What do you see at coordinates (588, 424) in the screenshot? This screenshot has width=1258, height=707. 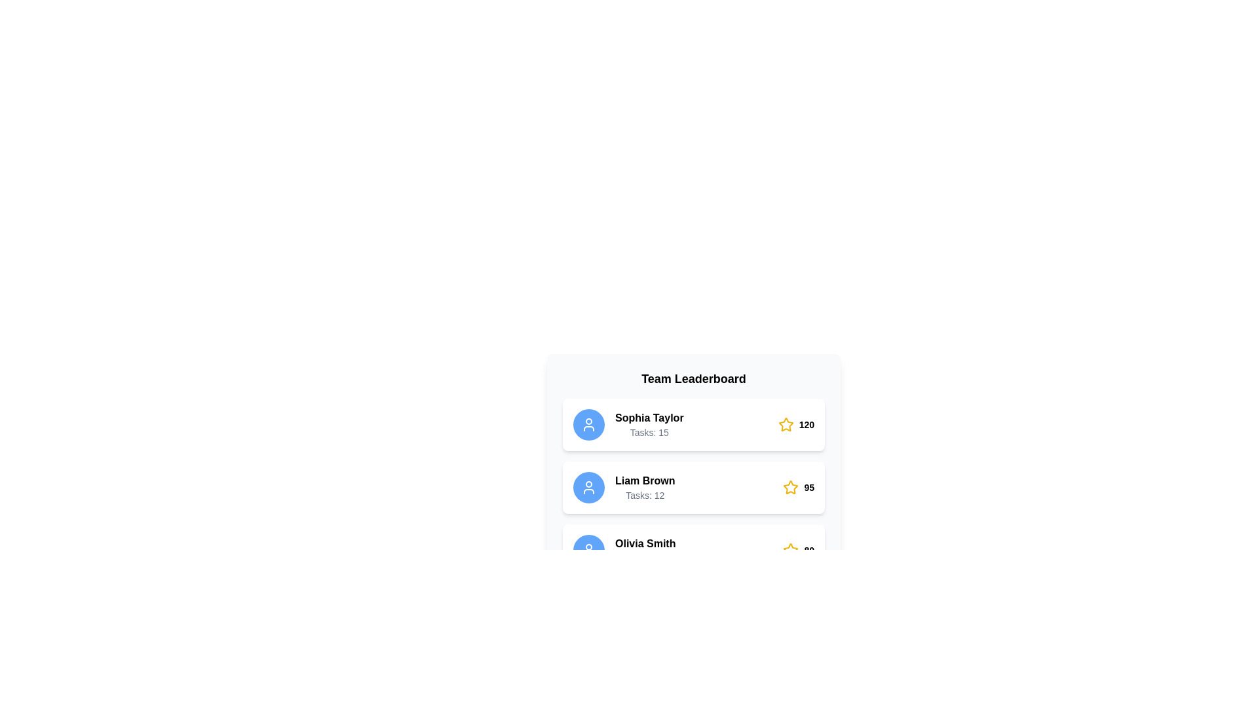 I see `the Profile Icon representing the user 'Sophia Taylor' in the leaderboard, which is positioned to the left of the text 'Sophia Taylor' and 'Tasks: 15'` at bounding box center [588, 424].